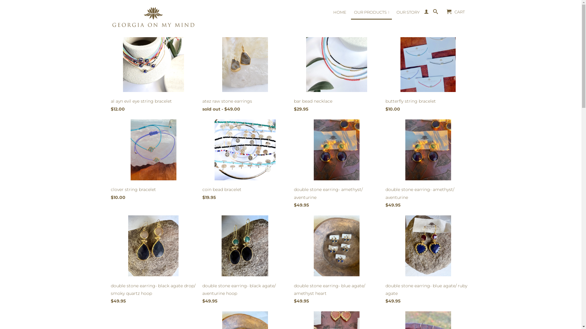 This screenshot has width=586, height=329. What do you see at coordinates (427, 73) in the screenshot?
I see `'butterfly string bracelet` at bounding box center [427, 73].